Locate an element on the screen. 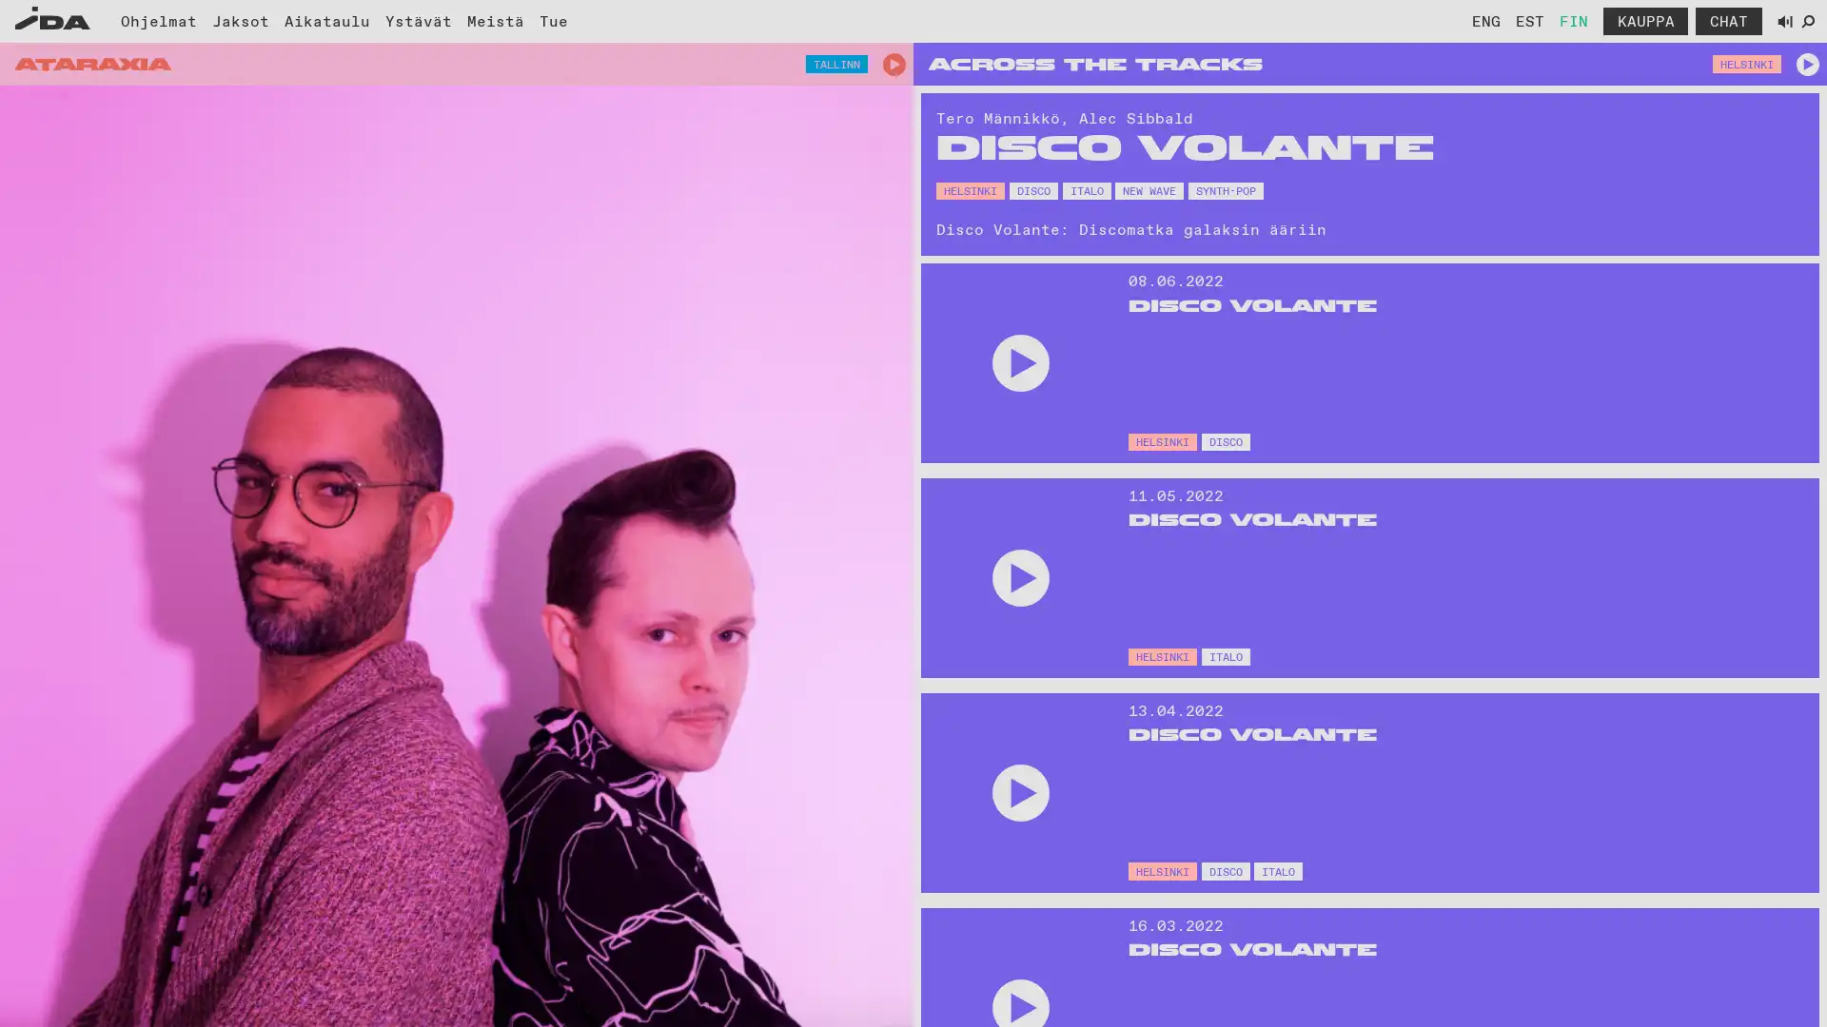 This screenshot has width=1827, height=1027. Play is located at coordinates (894, 62).